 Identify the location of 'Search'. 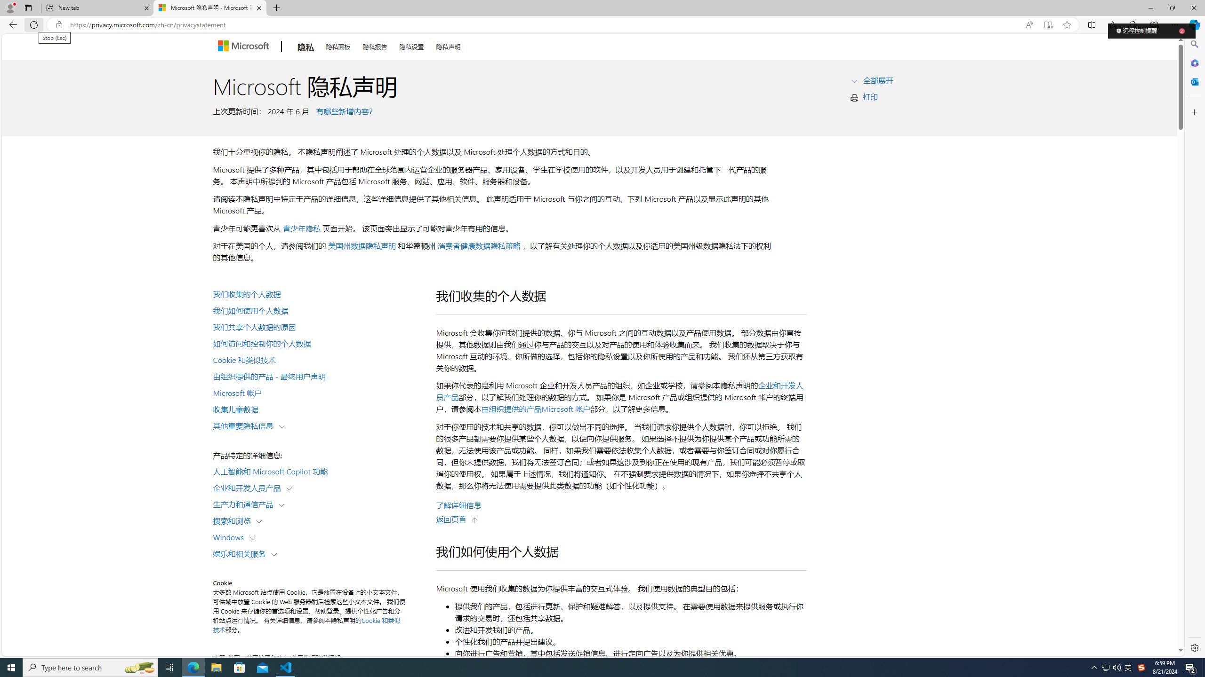
(1193, 44).